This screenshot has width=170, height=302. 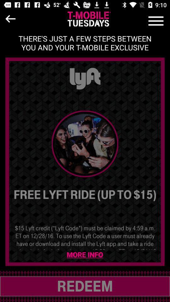 What do you see at coordinates (85, 255) in the screenshot?
I see `more info above redeem on the page` at bounding box center [85, 255].